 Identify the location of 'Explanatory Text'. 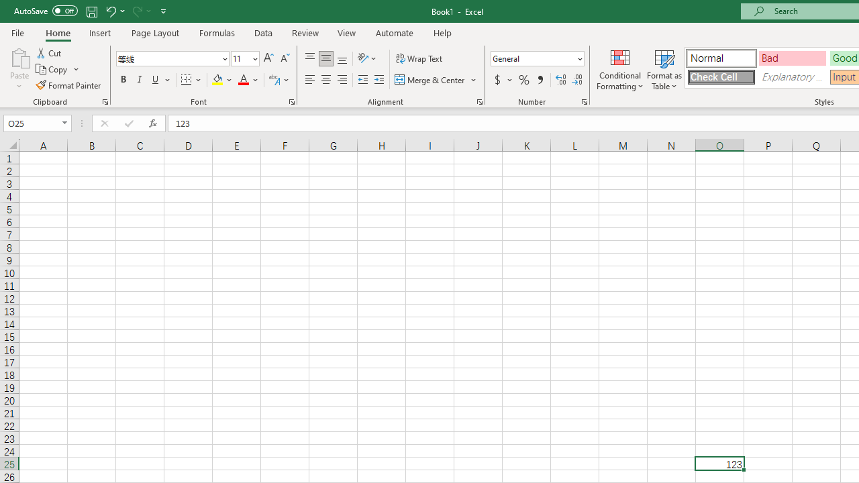
(792, 76).